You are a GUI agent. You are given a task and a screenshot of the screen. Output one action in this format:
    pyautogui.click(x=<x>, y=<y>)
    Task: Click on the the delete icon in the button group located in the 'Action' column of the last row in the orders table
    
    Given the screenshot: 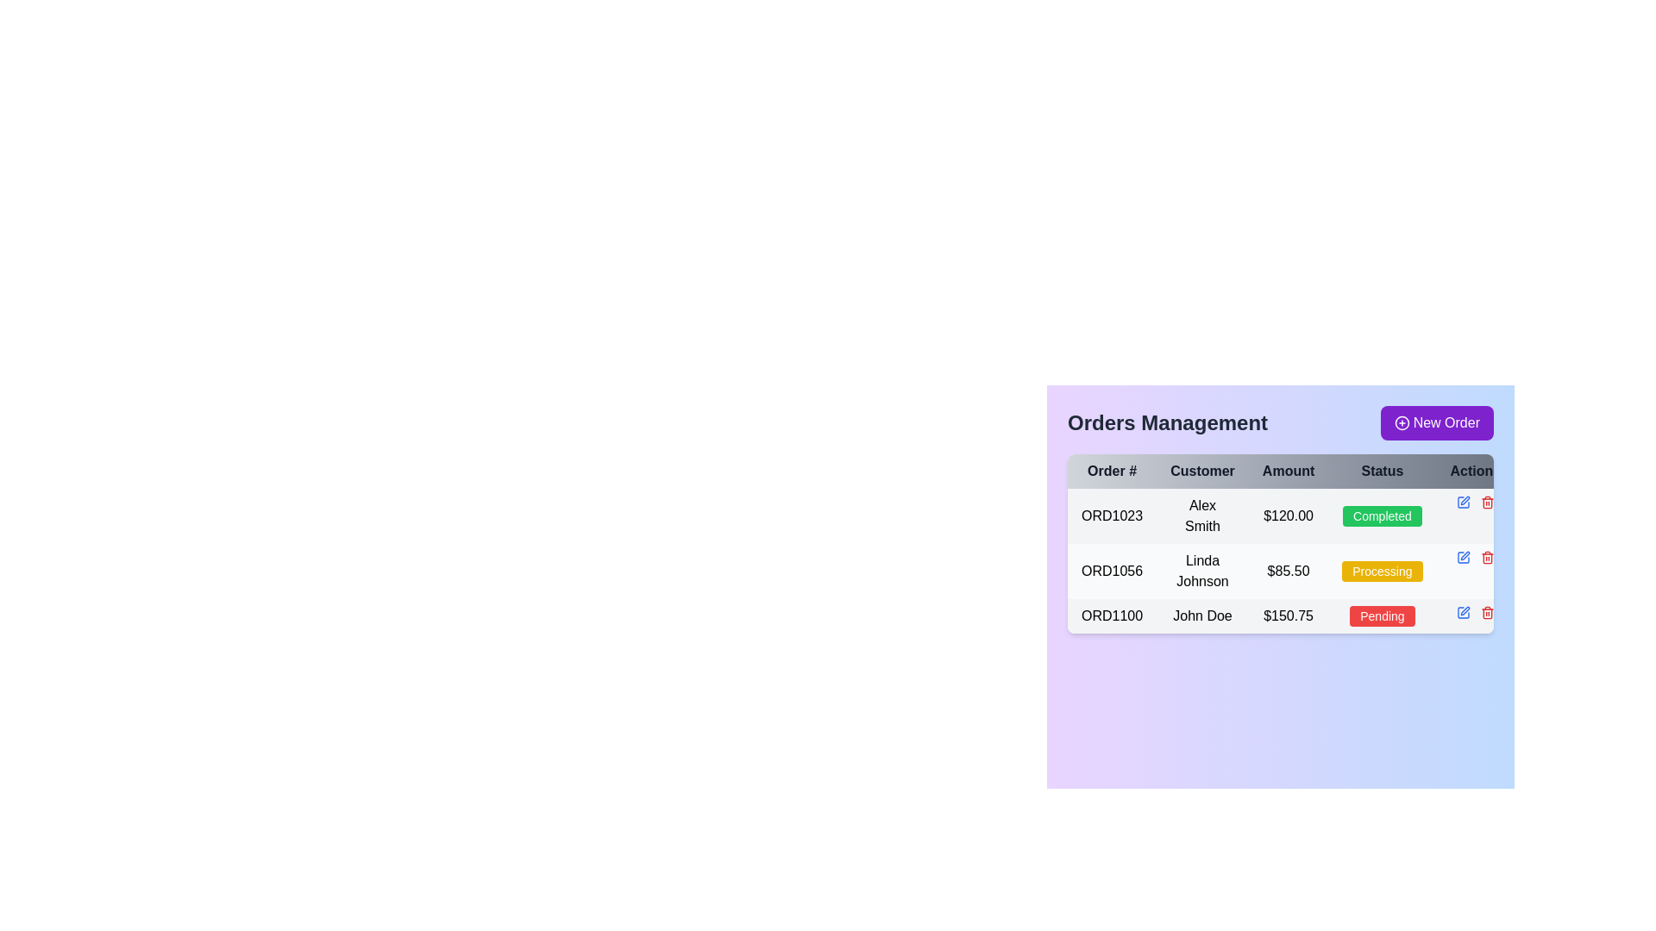 What is the action you would take?
    pyautogui.click(x=1473, y=611)
    